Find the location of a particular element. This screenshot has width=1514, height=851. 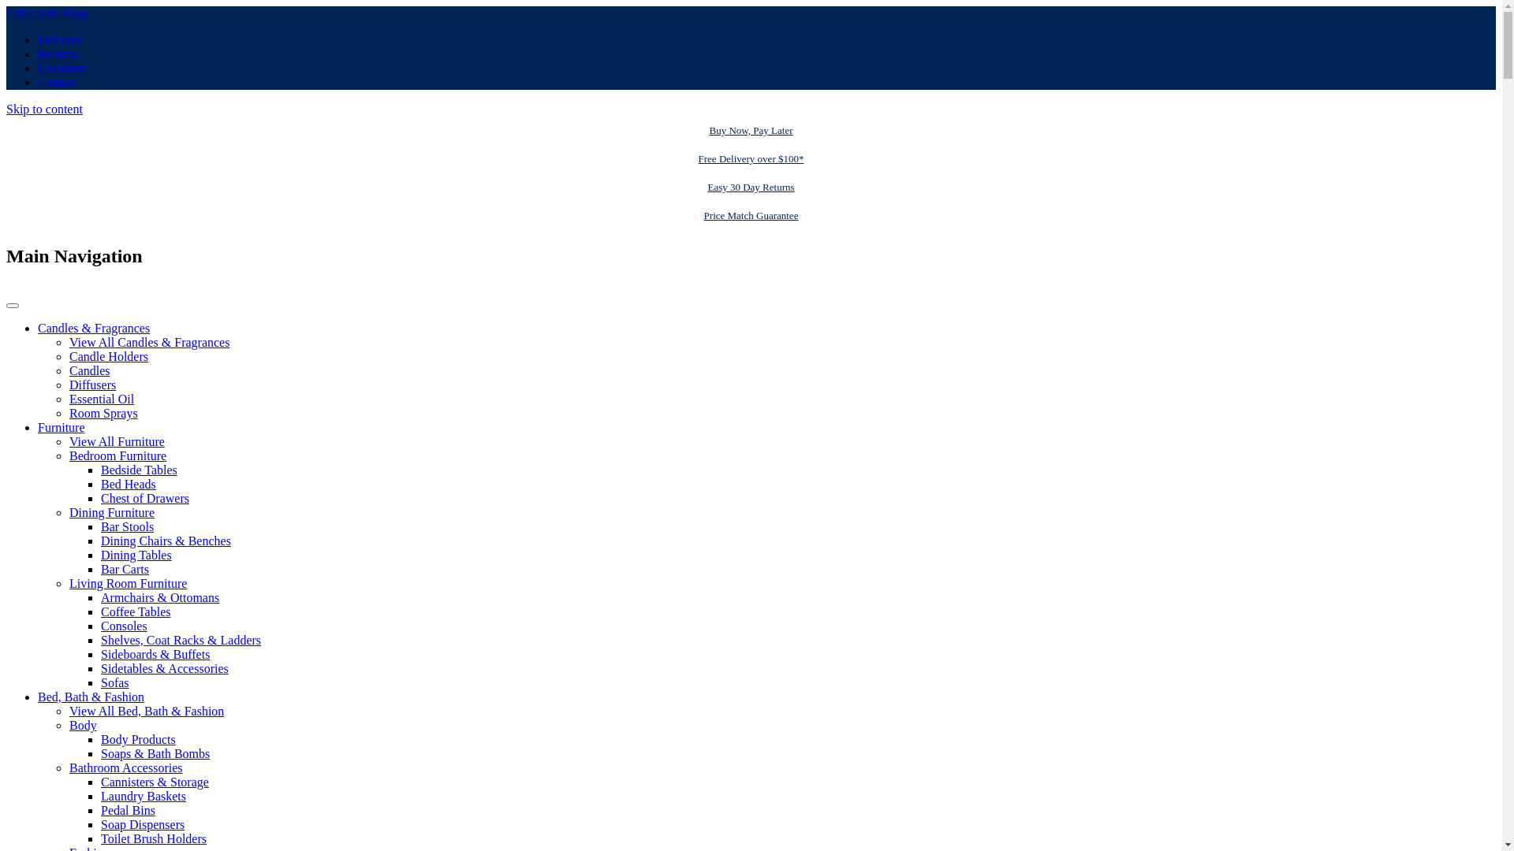

'Living Room Furniture' is located at coordinates (68, 583).